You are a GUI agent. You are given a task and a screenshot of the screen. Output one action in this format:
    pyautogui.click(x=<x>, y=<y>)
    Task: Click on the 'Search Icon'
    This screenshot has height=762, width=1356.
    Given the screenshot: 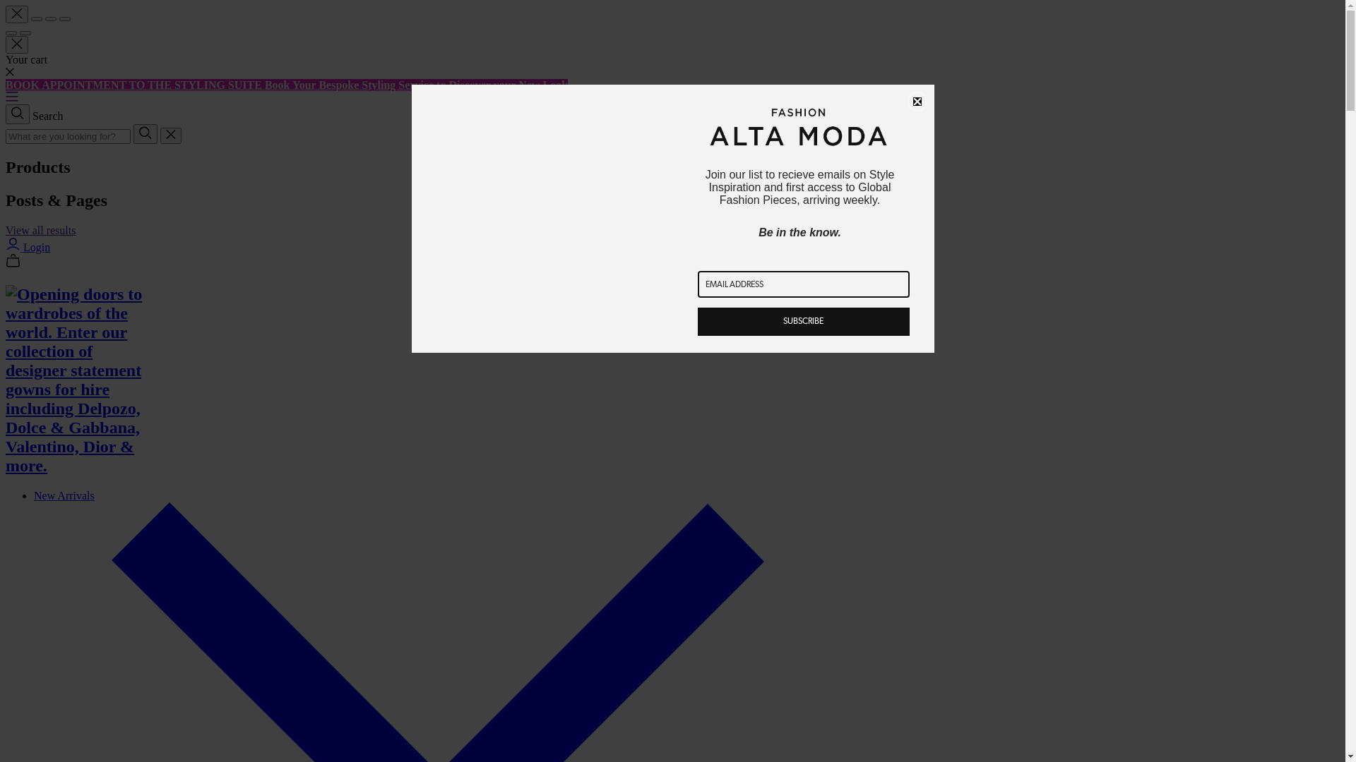 What is the action you would take?
    pyautogui.click(x=6, y=114)
    